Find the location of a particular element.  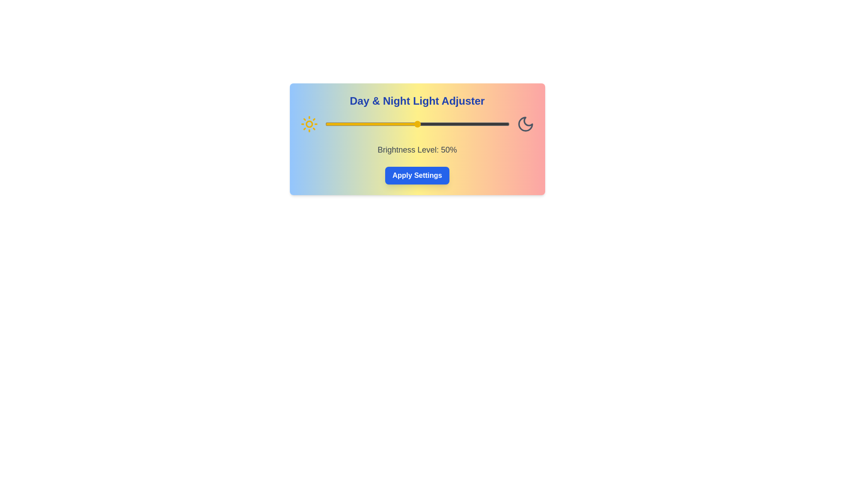

the brightness level to 71% using the slider is located at coordinates (456, 124).